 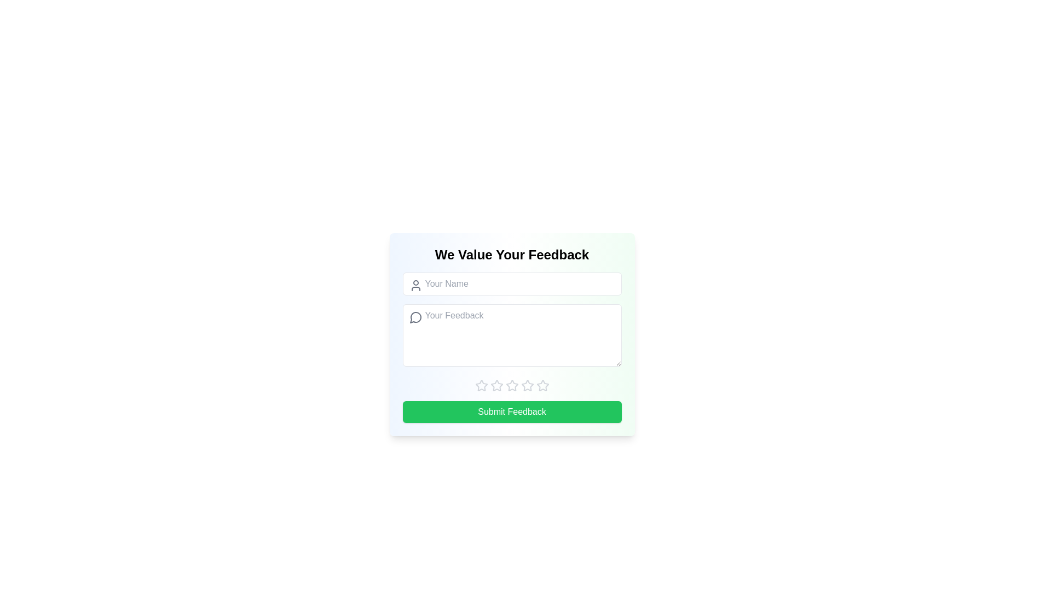 What do you see at coordinates (527, 385) in the screenshot?
I see `the fifth unfilled star icon in the rating system` at bounding box center [527, 385].